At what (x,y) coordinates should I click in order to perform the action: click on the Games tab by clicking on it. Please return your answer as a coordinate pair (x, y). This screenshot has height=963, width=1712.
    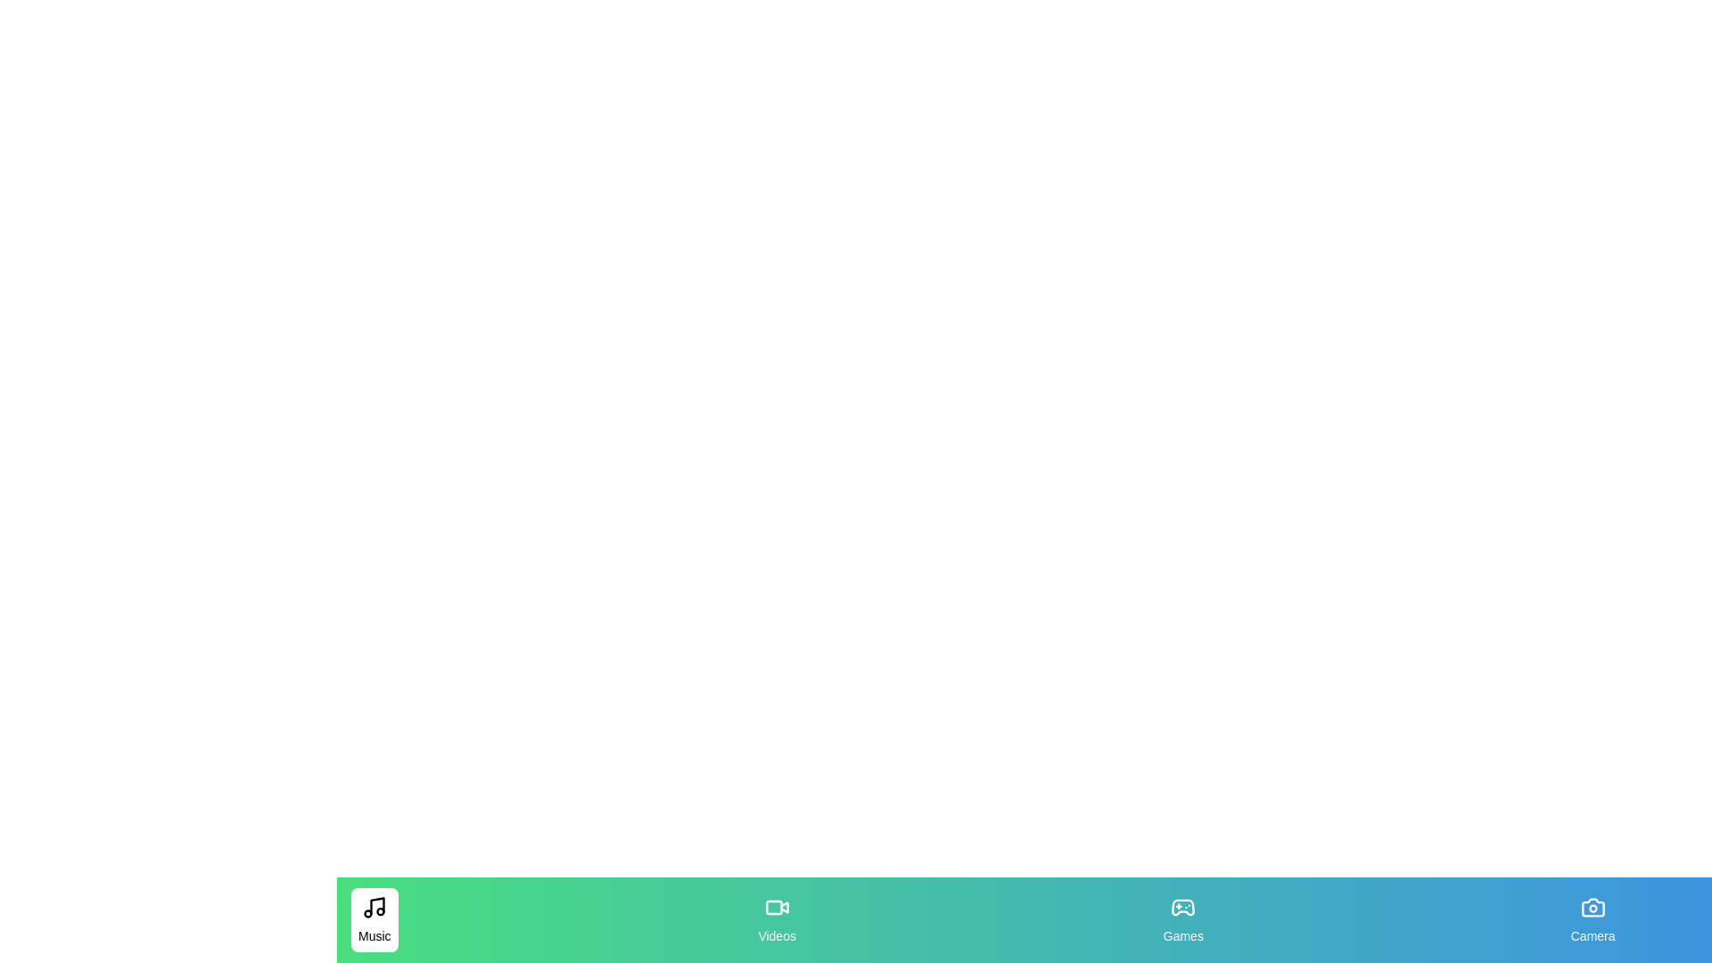
    Looking at the image, I should click on (1182, 920).